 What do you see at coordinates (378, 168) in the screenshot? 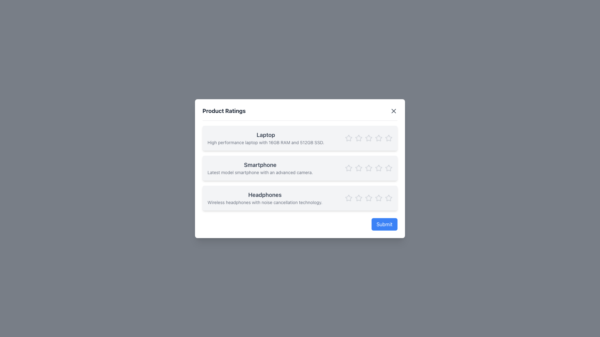
I see `the fourth star icon in the row of five rating stars for the 'Smartphone' product` at bounding box center [378, 168].